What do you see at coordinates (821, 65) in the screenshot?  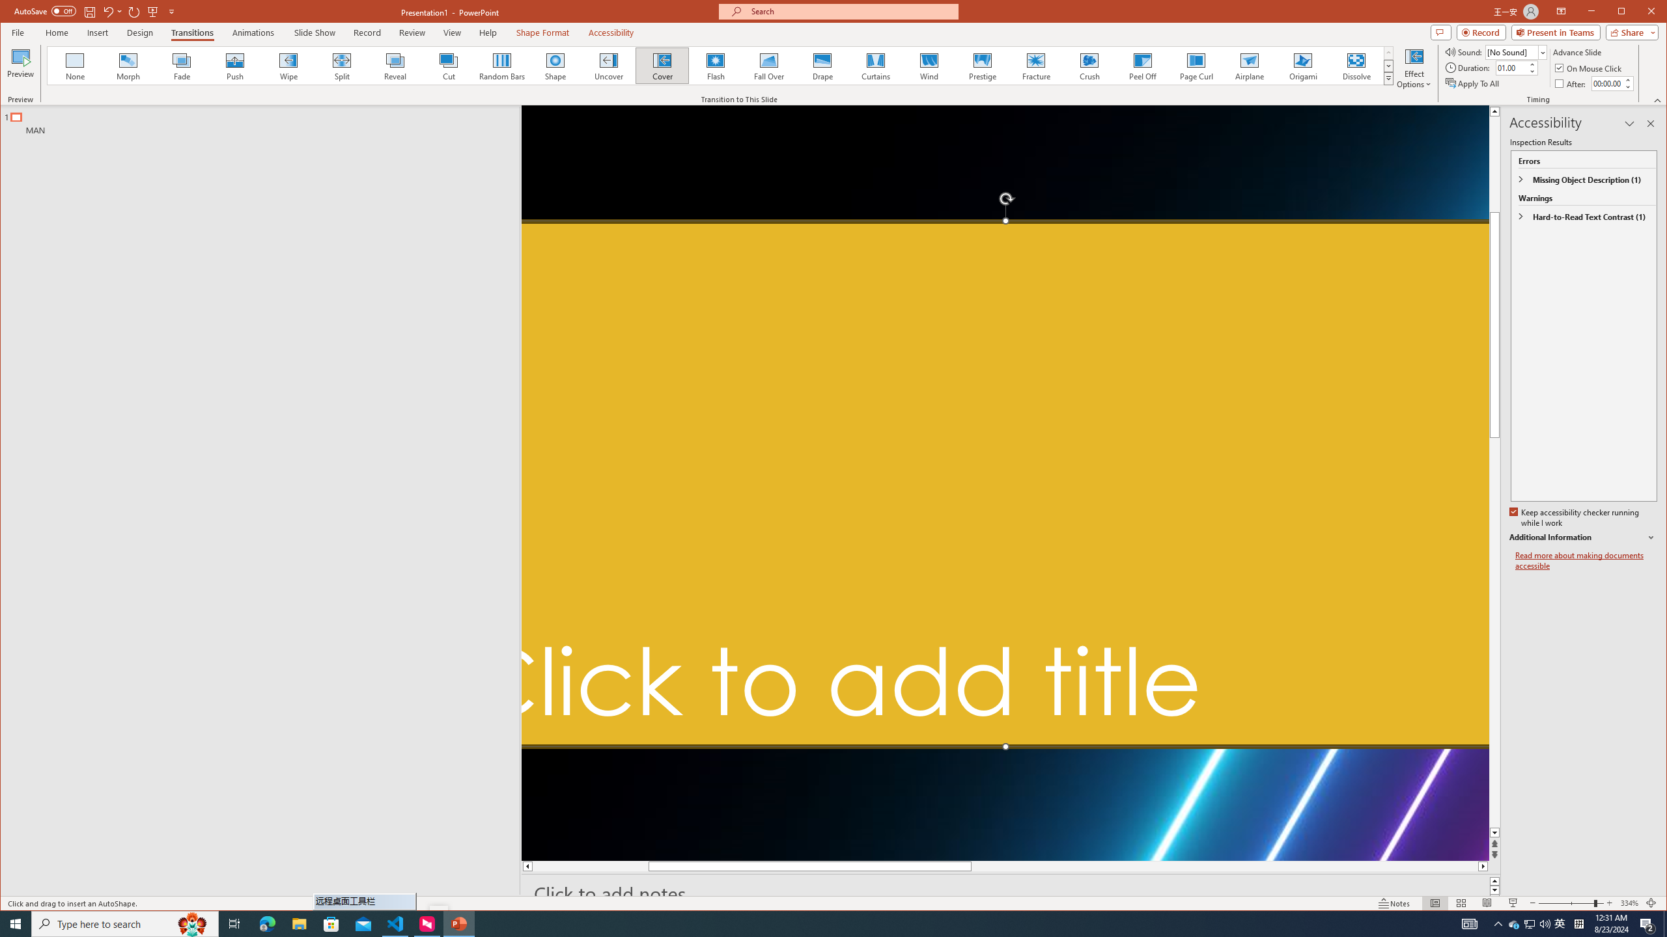 I see `'Drape'` at bounding box center [821, 65].